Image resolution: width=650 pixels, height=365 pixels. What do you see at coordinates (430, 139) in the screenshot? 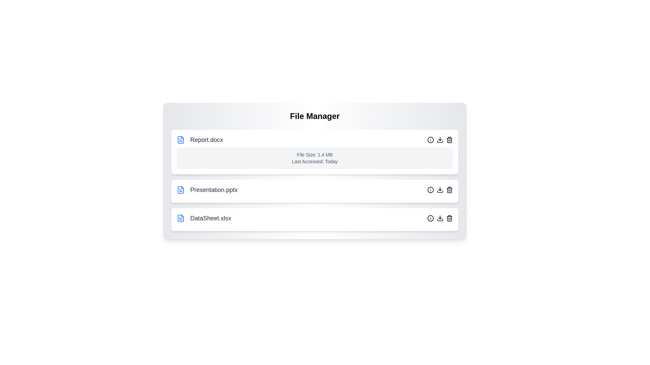
I see `'info' button for the file named Report.docx to toggle its details` at bounding box center [430, 139].